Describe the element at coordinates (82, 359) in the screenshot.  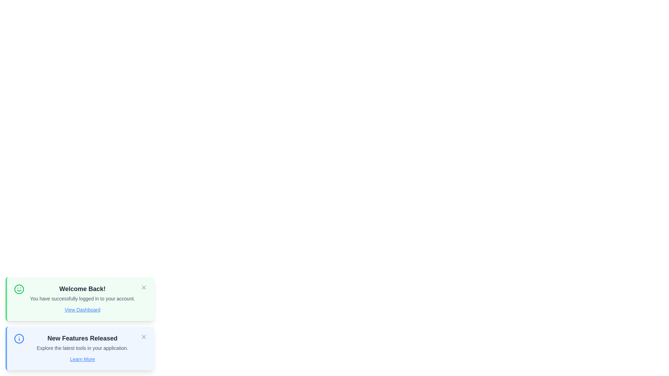
I see `the action link Learn More` at that location.